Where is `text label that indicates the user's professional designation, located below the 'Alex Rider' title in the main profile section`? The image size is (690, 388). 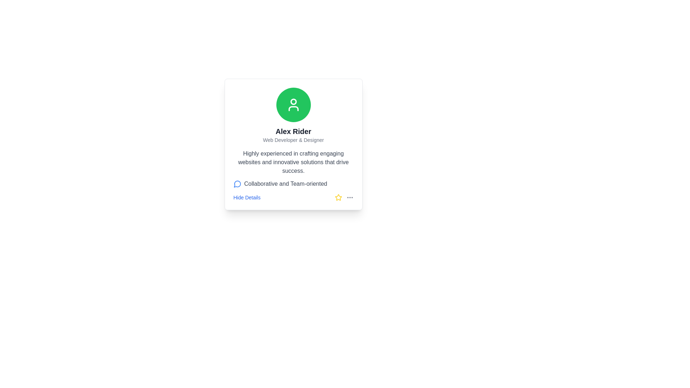
text label that indicates the user's professional designation, located below the 'Alex Rider' title in the main profile section is located at coordinates (293, 140).